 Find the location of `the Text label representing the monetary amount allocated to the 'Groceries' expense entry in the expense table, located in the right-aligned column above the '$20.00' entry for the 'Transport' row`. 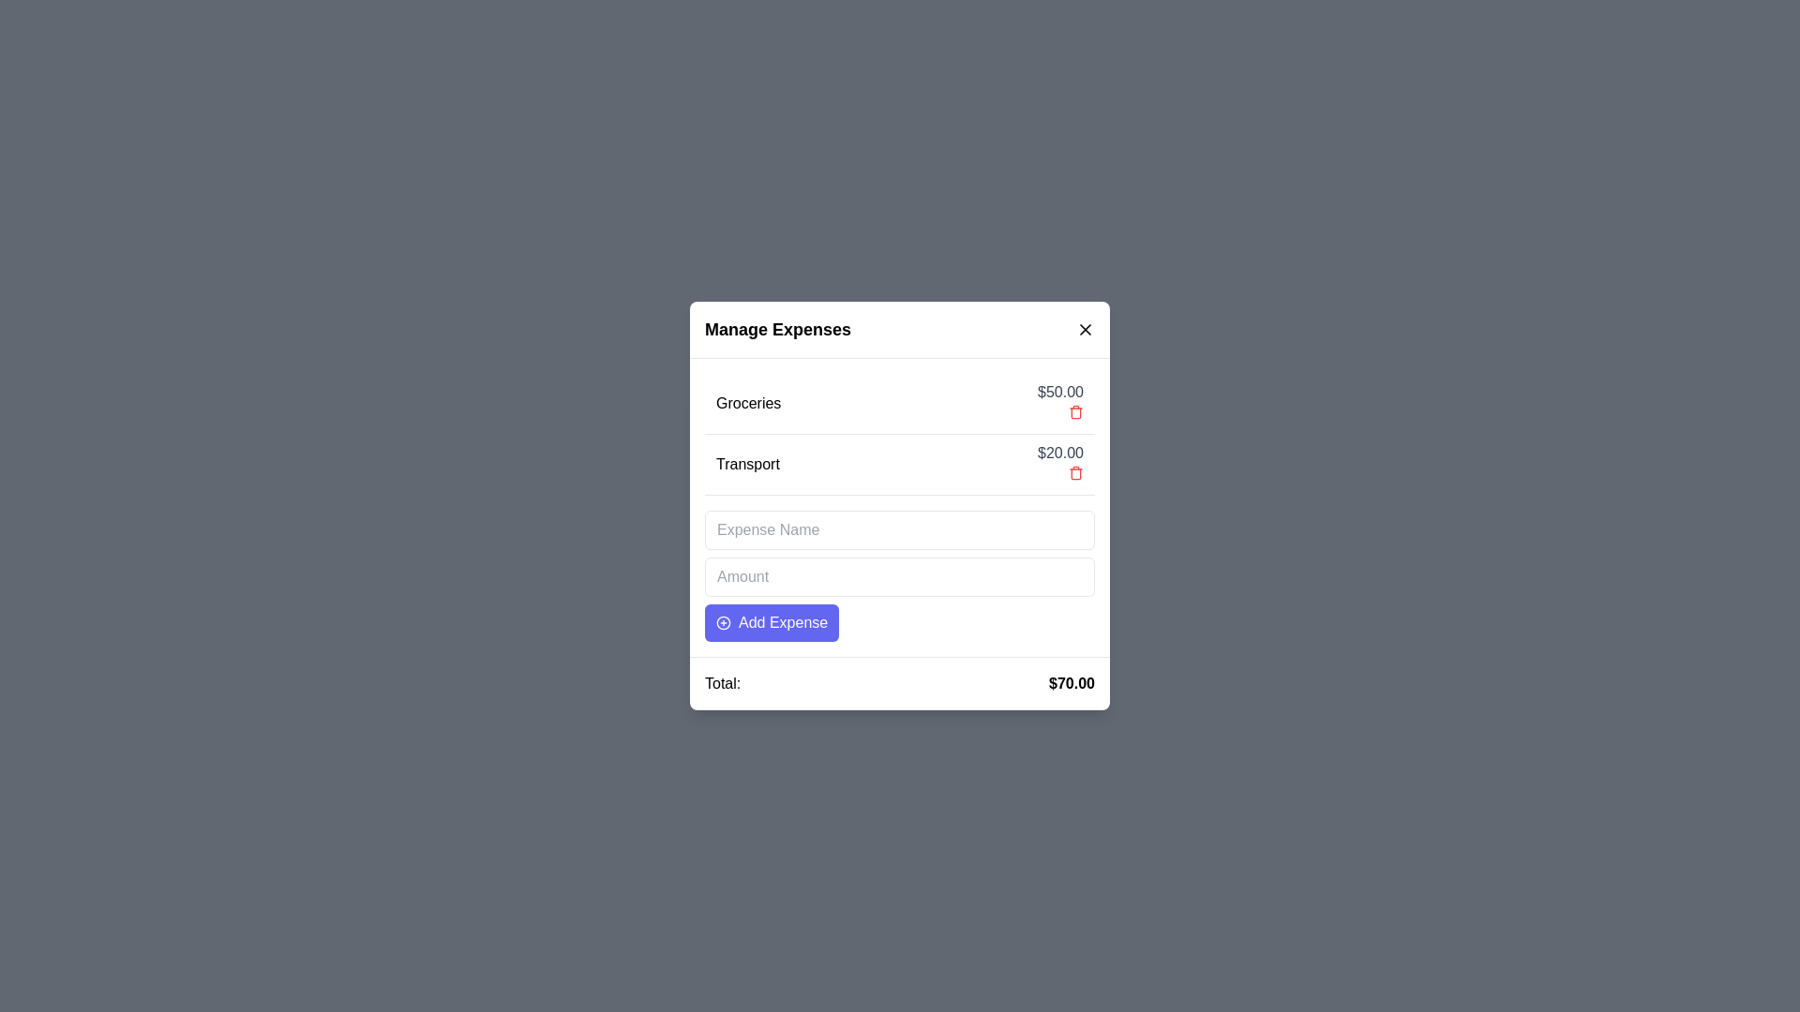

the Text label representing the monetary amount allocated to the 'Groceries' expense entry in the expense table, located in the right-aligned column above the '$20.00' entry for the 'Transport' row is located at coordinates (1060, 392).